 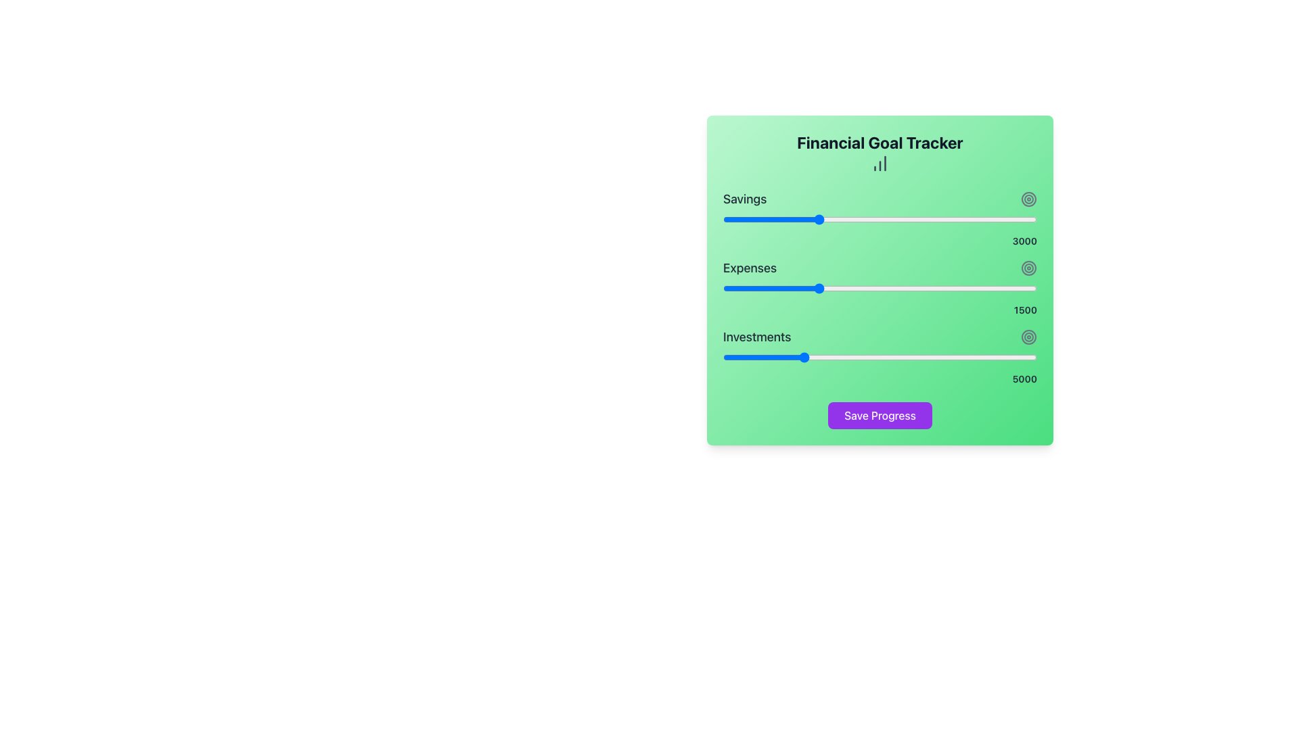 What do you see at coordinates (946, 288) in the screenshot?
I see `the expenses slider` at bounding box center [946, 288].